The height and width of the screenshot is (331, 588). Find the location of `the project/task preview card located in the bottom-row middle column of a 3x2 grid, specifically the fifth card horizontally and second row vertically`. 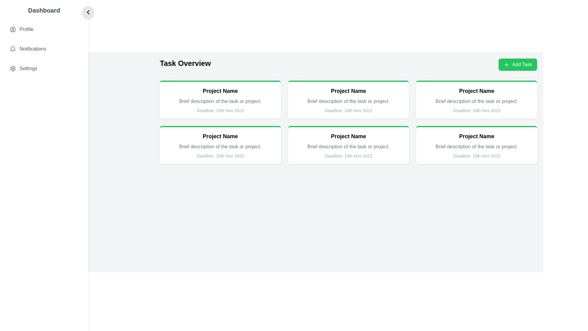

the project/task preview card located in the bottom-row middle column of a 3x2 grid, specifically the fifth card horizontally and second row vertically is located at coordinates (348, 145).